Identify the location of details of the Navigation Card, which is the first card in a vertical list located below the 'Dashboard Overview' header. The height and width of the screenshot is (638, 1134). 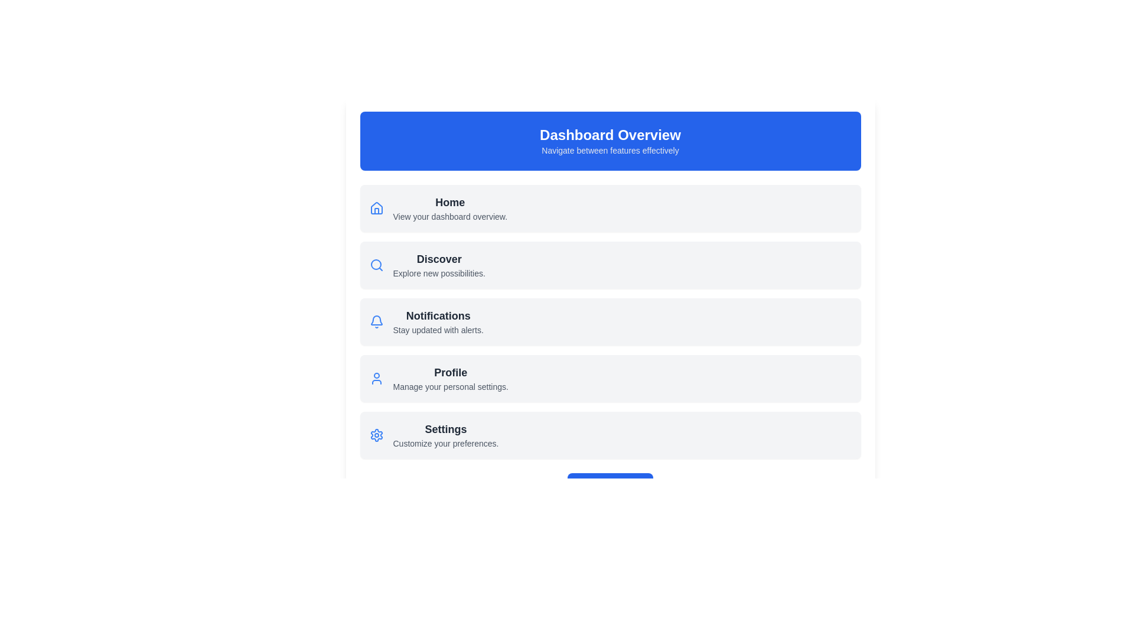
(610, 208).